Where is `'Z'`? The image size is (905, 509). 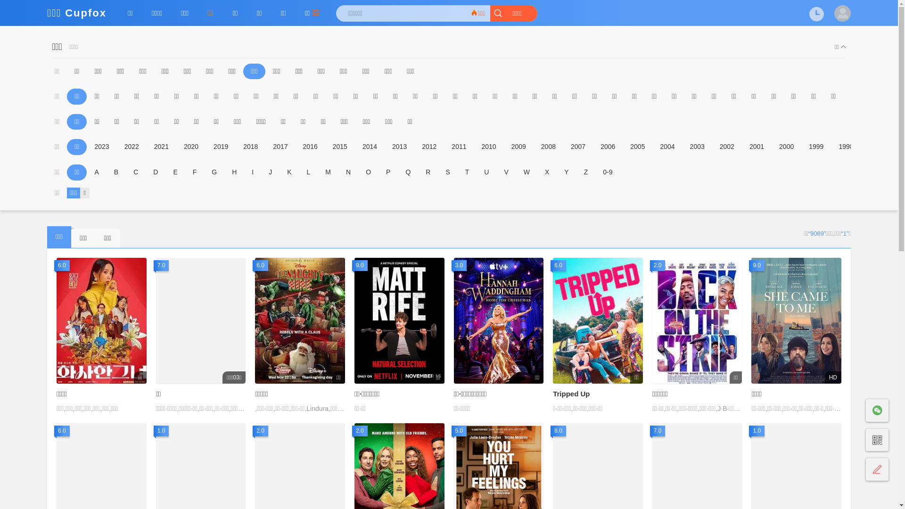 'Z' is located at coordinates (585, 172).